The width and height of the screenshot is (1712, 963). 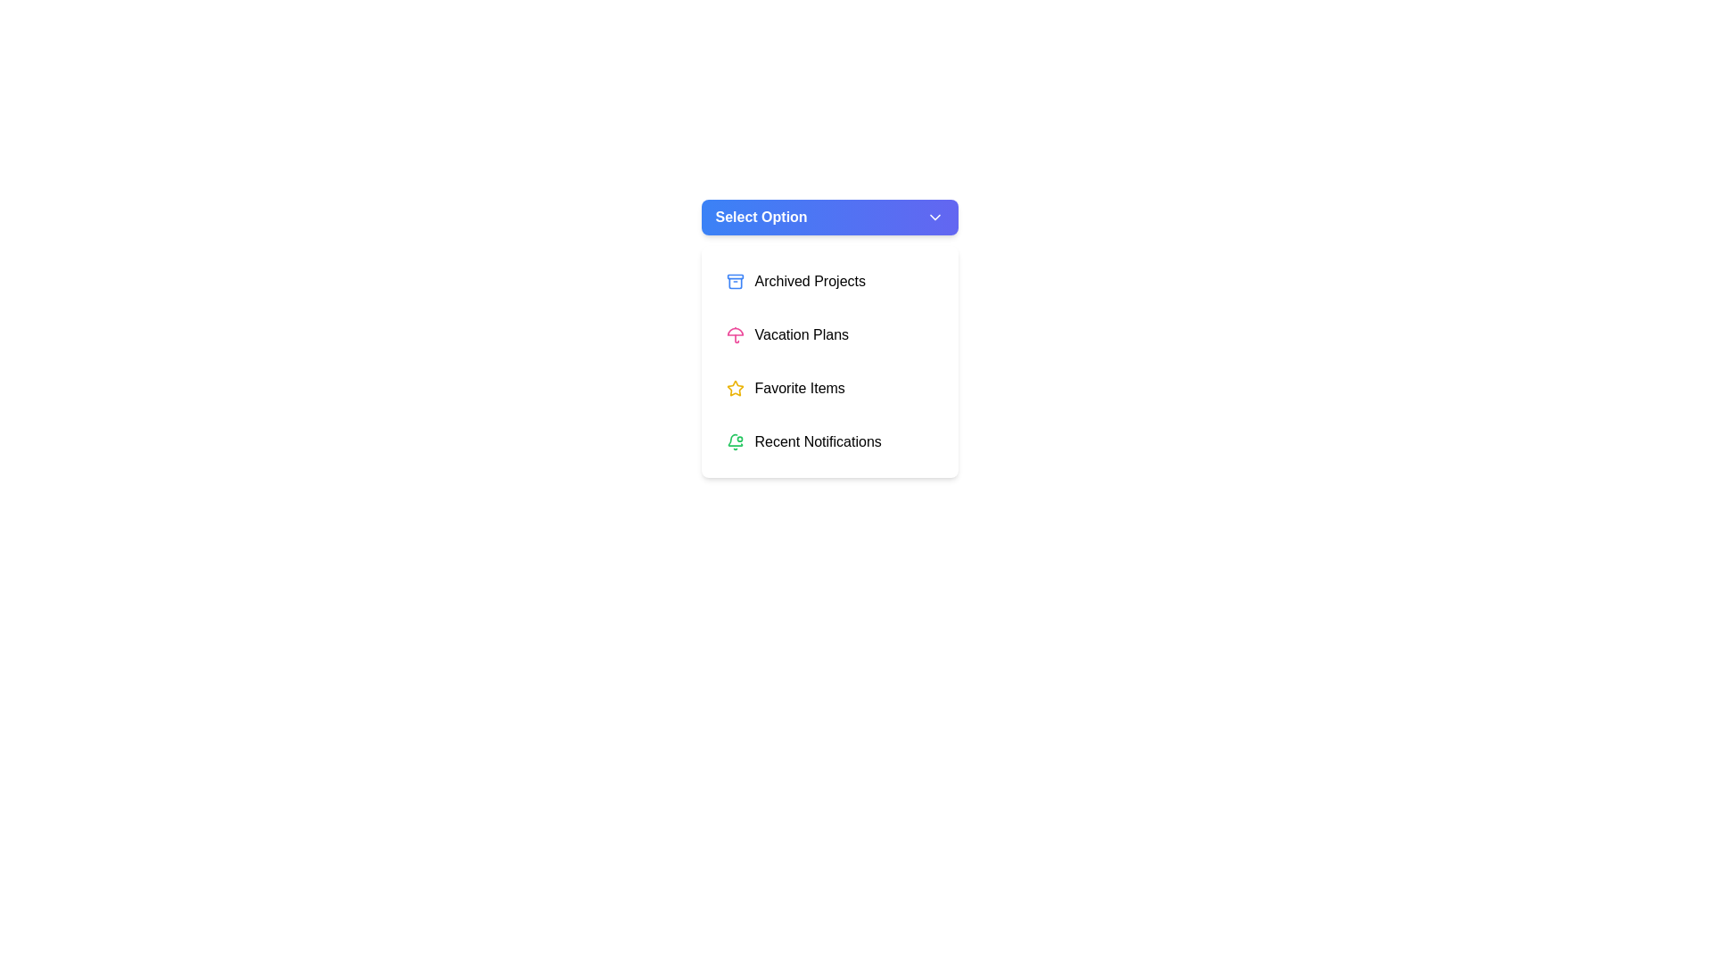 I want to click on the menu item Vacation Plans from the dropdown, so click(x=828, y=334).